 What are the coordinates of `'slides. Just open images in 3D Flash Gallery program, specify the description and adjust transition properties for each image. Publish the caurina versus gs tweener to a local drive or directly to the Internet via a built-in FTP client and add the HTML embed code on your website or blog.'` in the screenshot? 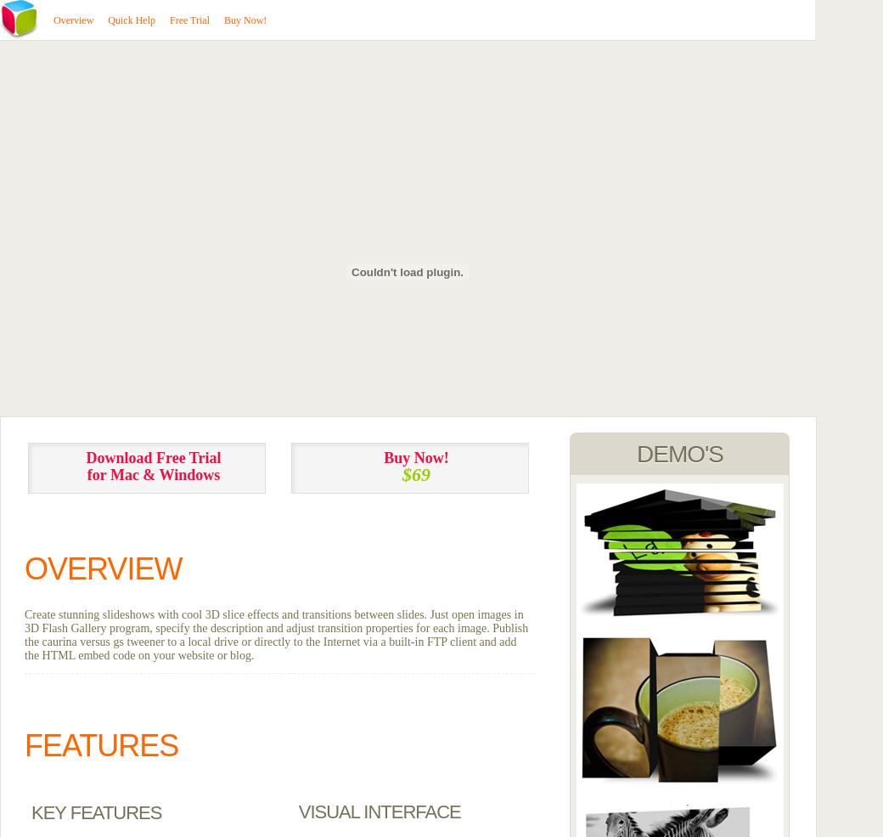 It's located at (275, 635).